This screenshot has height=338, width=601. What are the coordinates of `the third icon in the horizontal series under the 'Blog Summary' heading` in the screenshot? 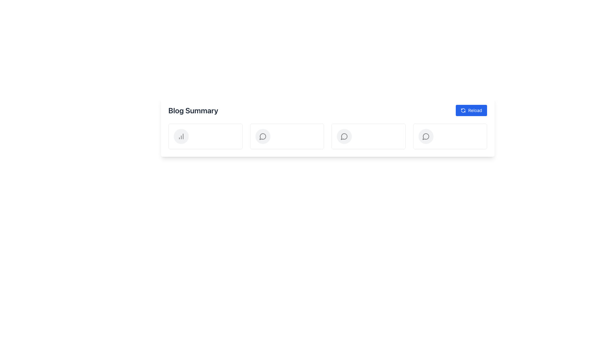 It's located at (425, 136).